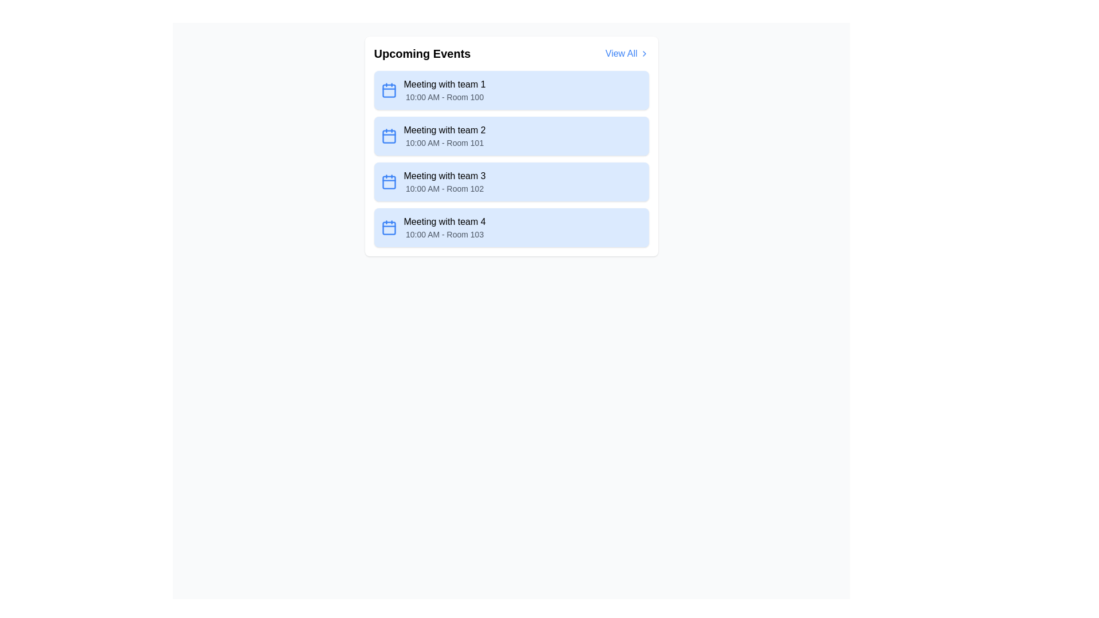  I want to click on the text label displaying '10:00 AM - Room 103', which is styled in a small gray font and positioned below the title 'Meeting with team 4', so click(444, 233).